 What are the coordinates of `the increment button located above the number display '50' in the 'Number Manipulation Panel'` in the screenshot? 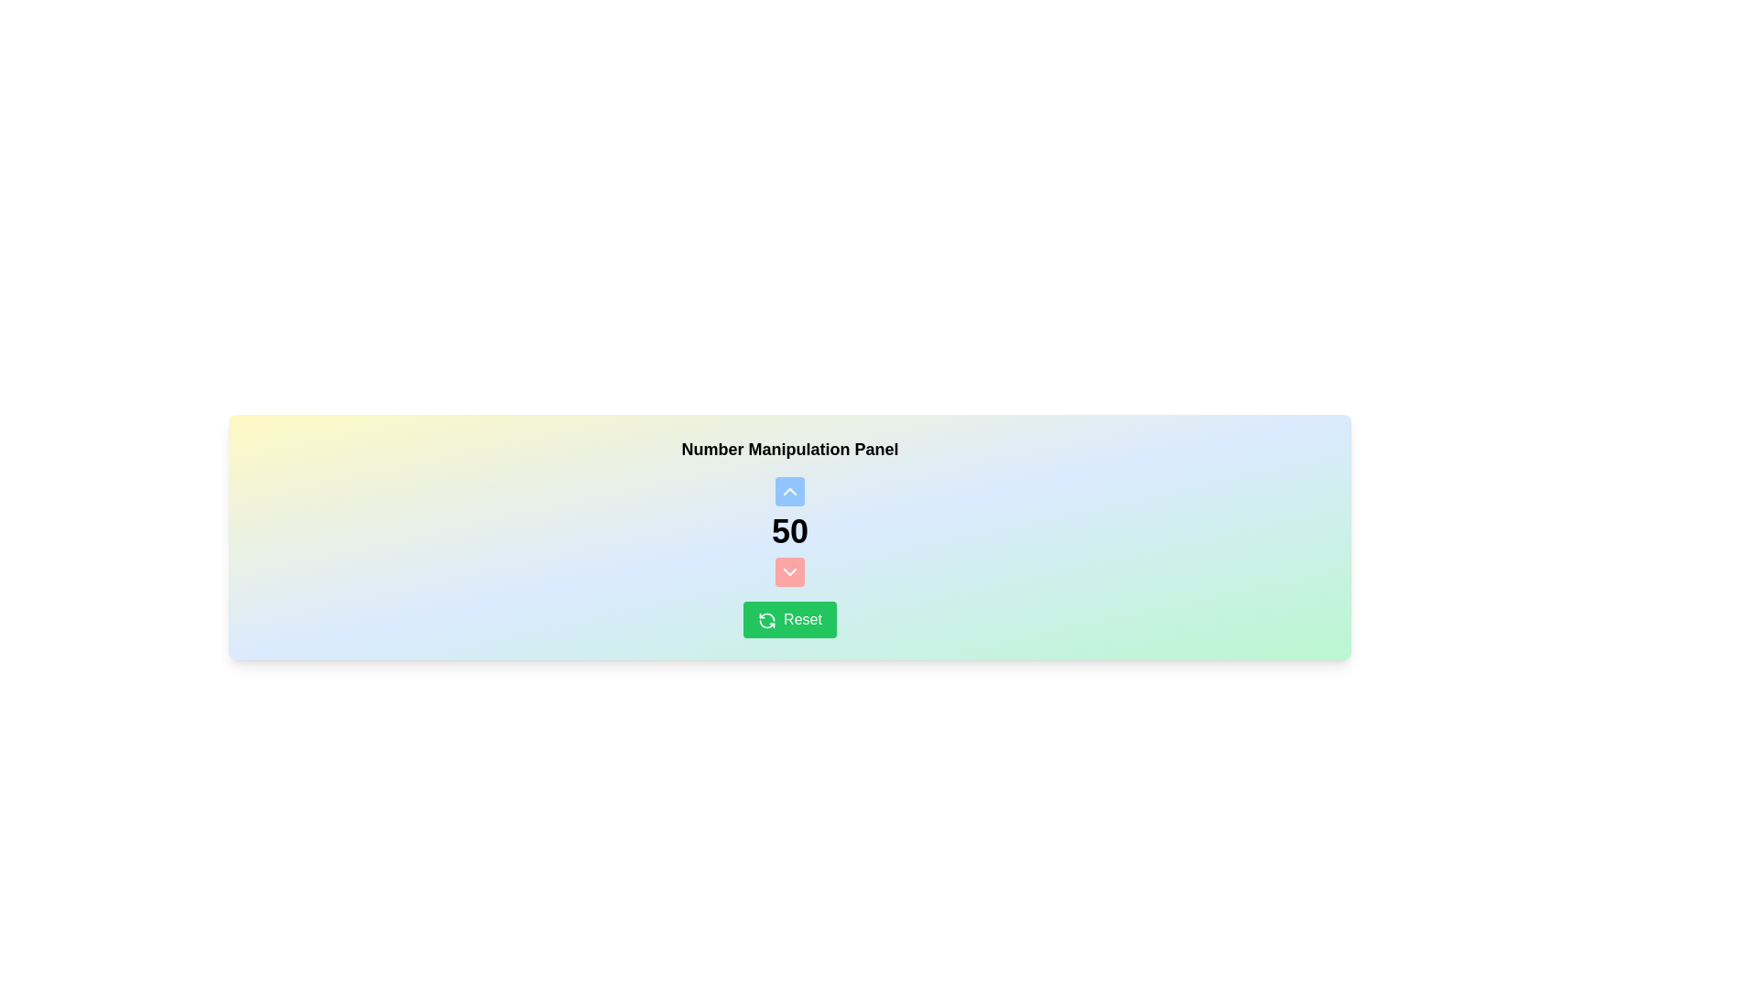 It's located at (790, 490).